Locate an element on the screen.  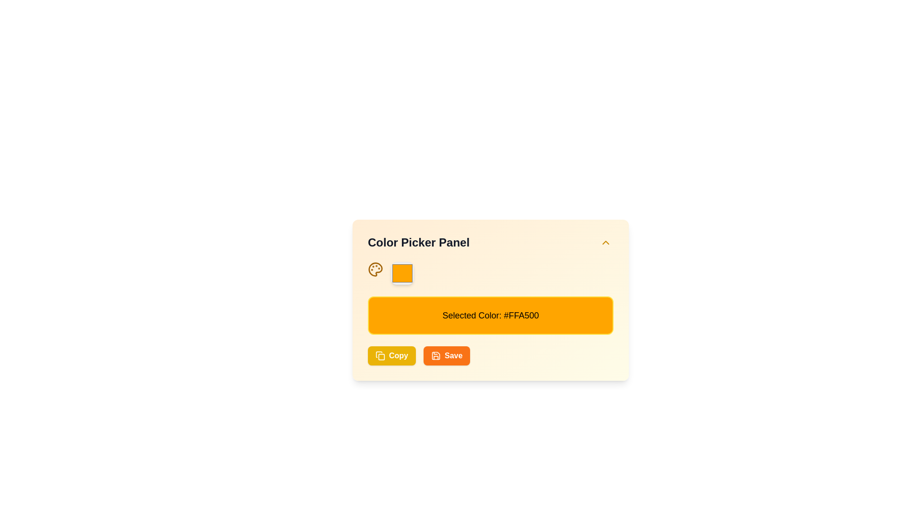
the 'Save' button with an orange background and white text, located at the bottom-right of the color picker panel is located at coordinates (446, 355).